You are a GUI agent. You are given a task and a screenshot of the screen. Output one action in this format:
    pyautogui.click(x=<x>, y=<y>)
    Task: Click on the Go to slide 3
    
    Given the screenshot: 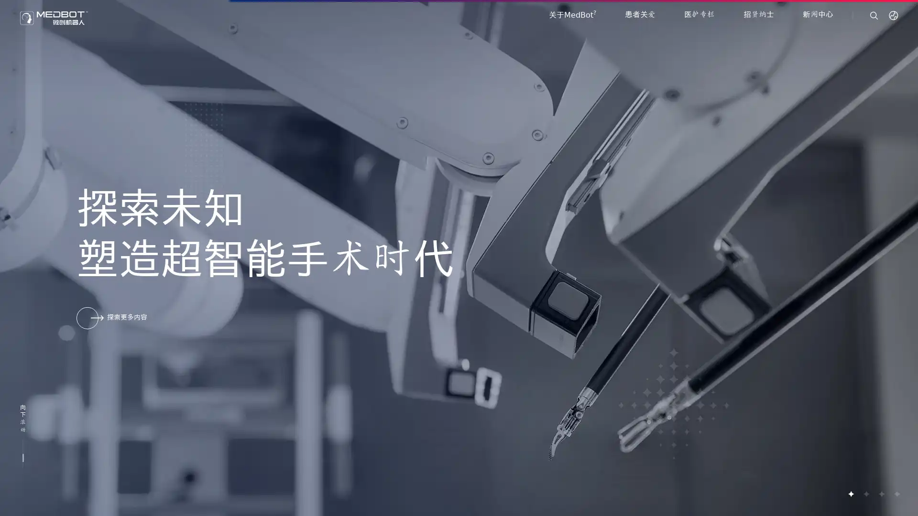 What is the action you would take?
    pyautogui.click(x=881, y=494)
    